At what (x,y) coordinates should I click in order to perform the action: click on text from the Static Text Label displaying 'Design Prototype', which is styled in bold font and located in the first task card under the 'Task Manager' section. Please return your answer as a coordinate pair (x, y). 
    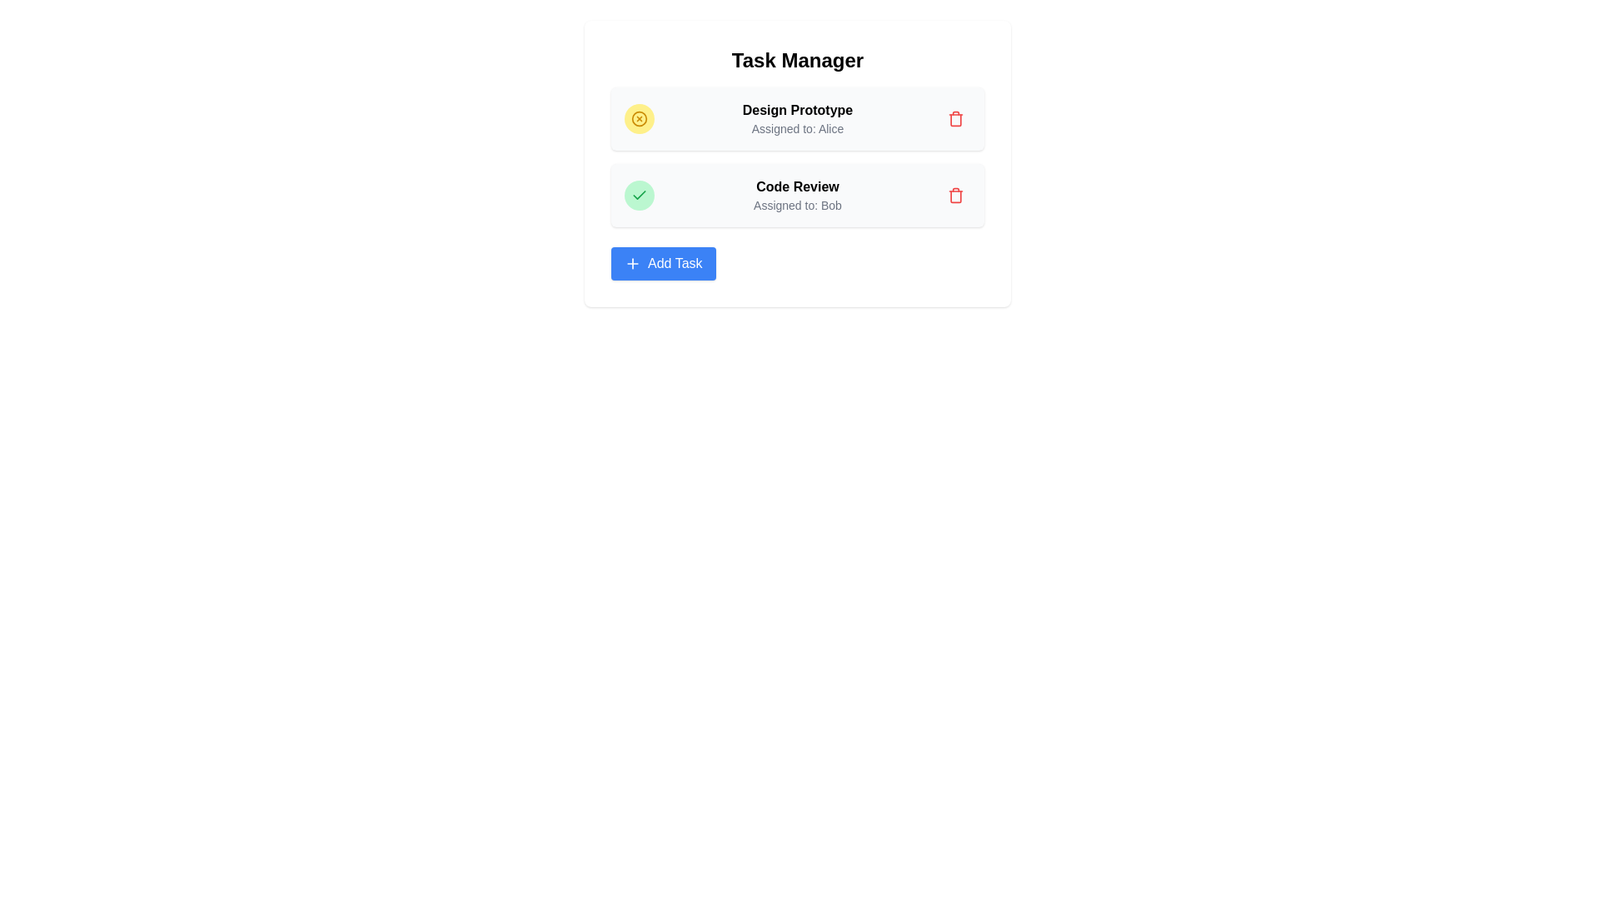
    Looking at the image, I should click on (797, 110).